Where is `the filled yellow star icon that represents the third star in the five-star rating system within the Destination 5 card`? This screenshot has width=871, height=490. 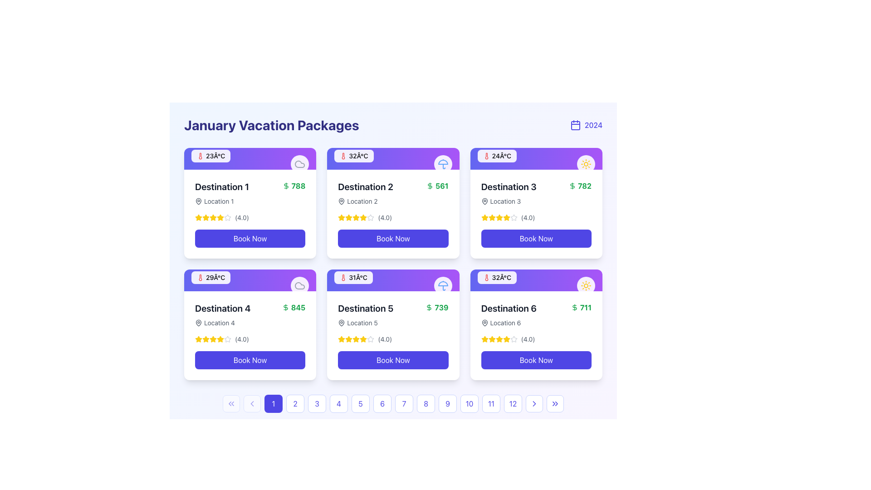 the filled yellow star icon that represents the third star in the five-star rating system within the Destination 5 card is located at coordinates (363, 339).